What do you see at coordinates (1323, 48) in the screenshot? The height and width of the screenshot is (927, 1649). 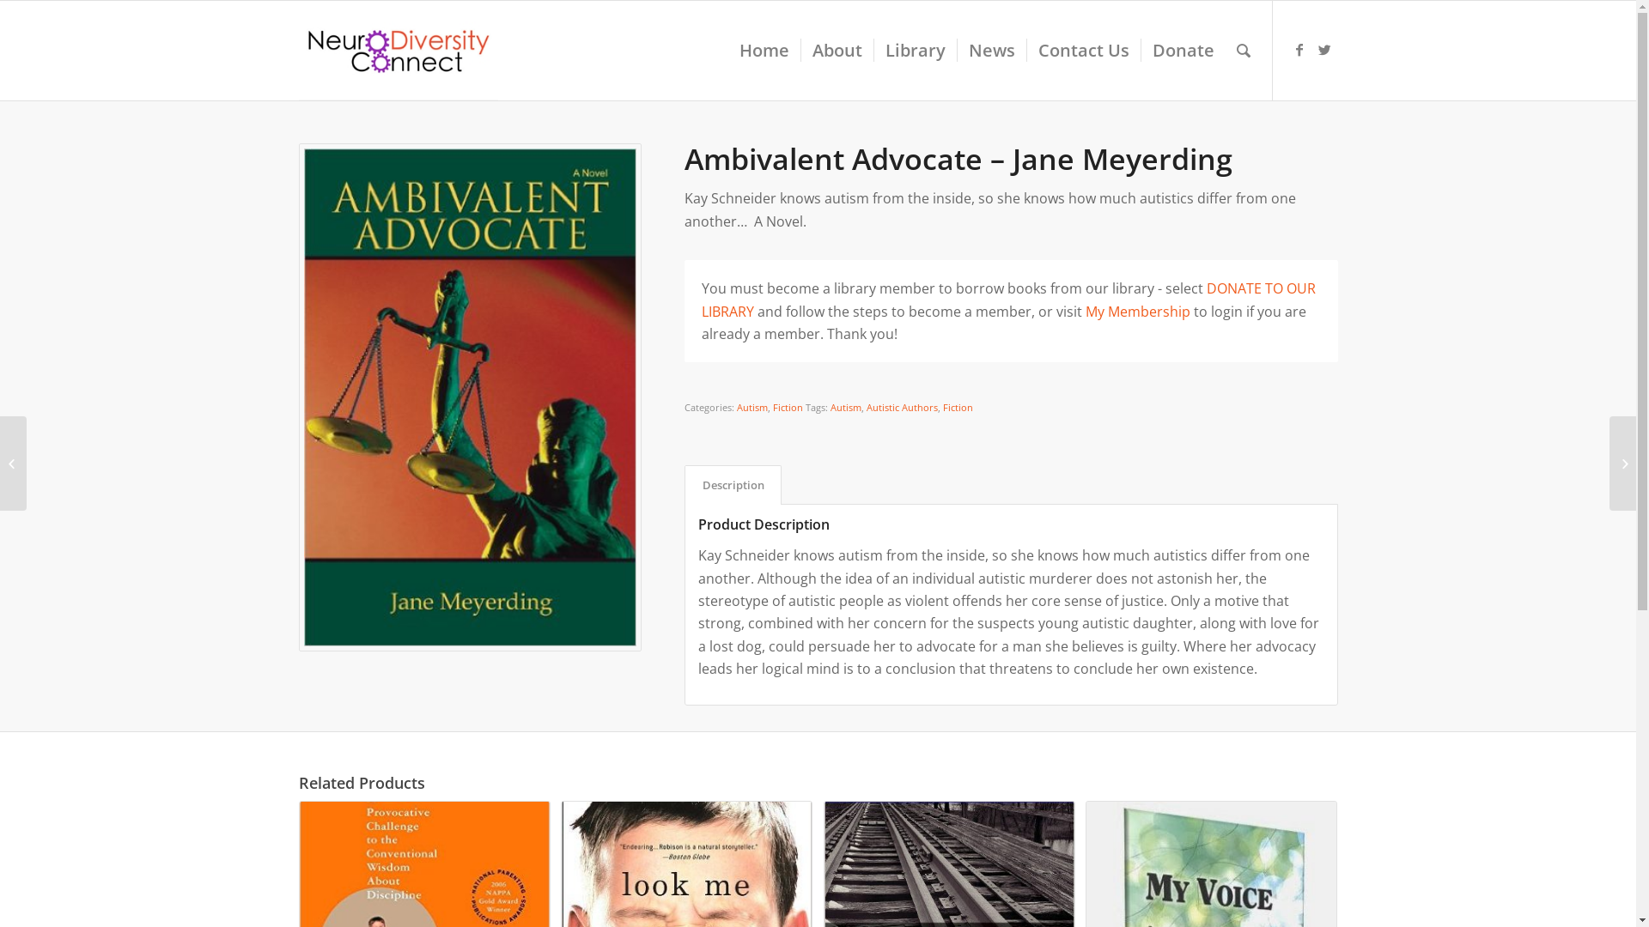 I see `'Twitter'` at bounding box center [1323, 48].